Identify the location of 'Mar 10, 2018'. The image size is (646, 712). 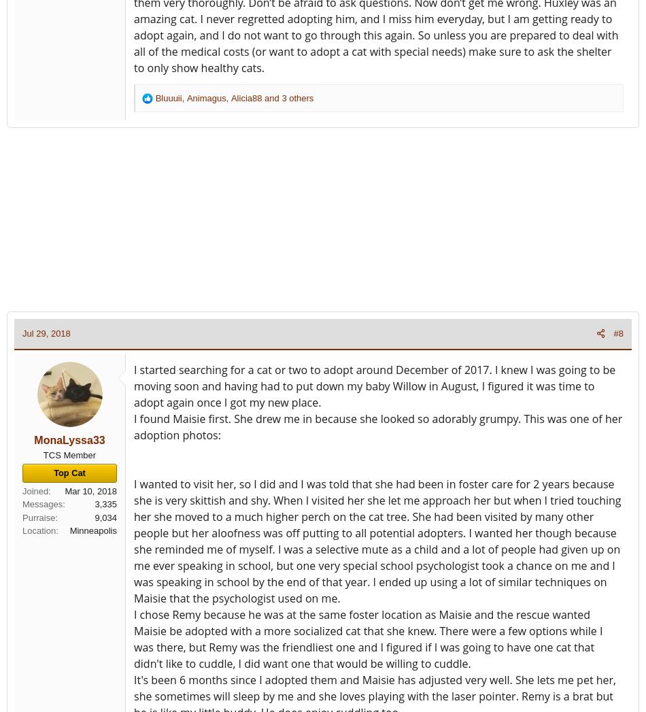
(90, 490).